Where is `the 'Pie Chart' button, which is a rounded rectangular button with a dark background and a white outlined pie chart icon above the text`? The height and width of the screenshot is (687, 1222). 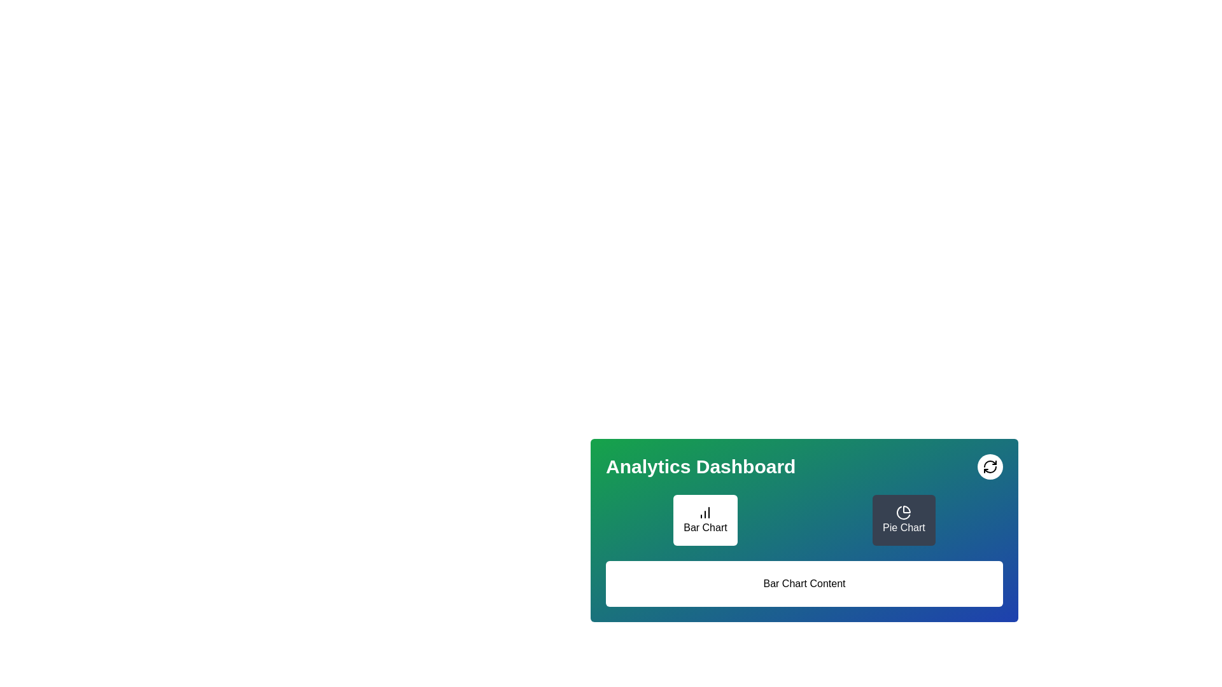 the 'Pie Chart' button, which is a rounded rectangular button with a dark background and a white outlined pie chart icon above the text is located at coordinates (903, 520).